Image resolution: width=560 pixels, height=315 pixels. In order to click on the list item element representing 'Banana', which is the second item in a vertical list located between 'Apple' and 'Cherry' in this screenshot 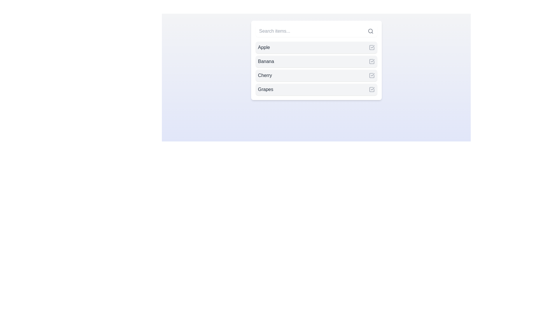, I will do `click(316, 62)`.